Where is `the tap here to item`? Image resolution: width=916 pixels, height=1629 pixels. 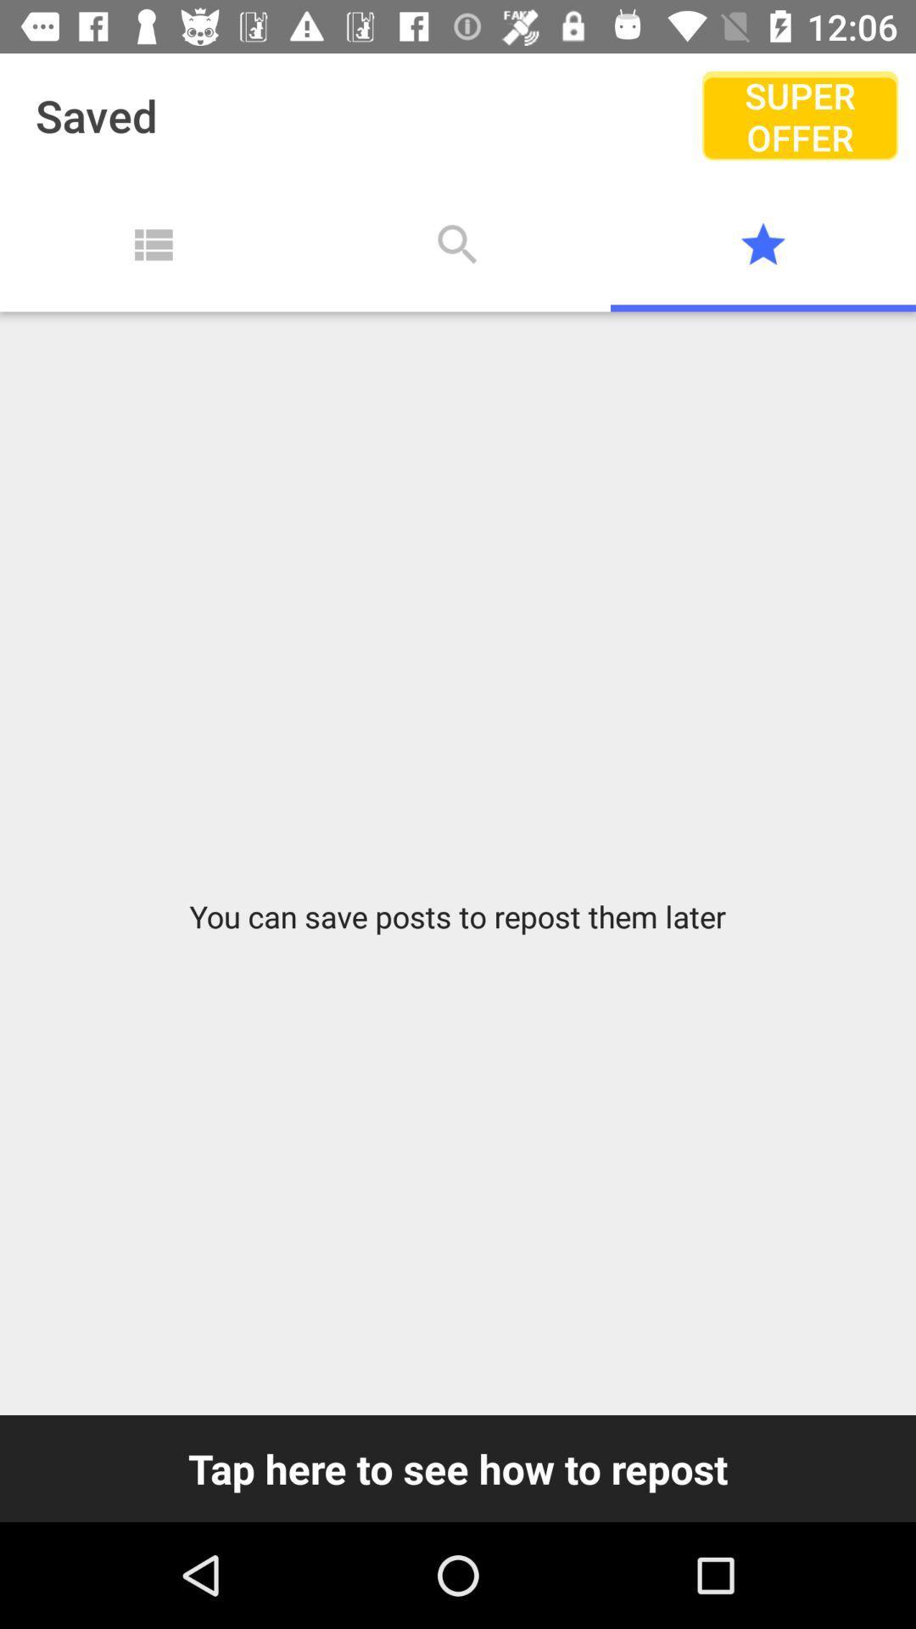 the tap here to item is located at coordinates (458, 1468).